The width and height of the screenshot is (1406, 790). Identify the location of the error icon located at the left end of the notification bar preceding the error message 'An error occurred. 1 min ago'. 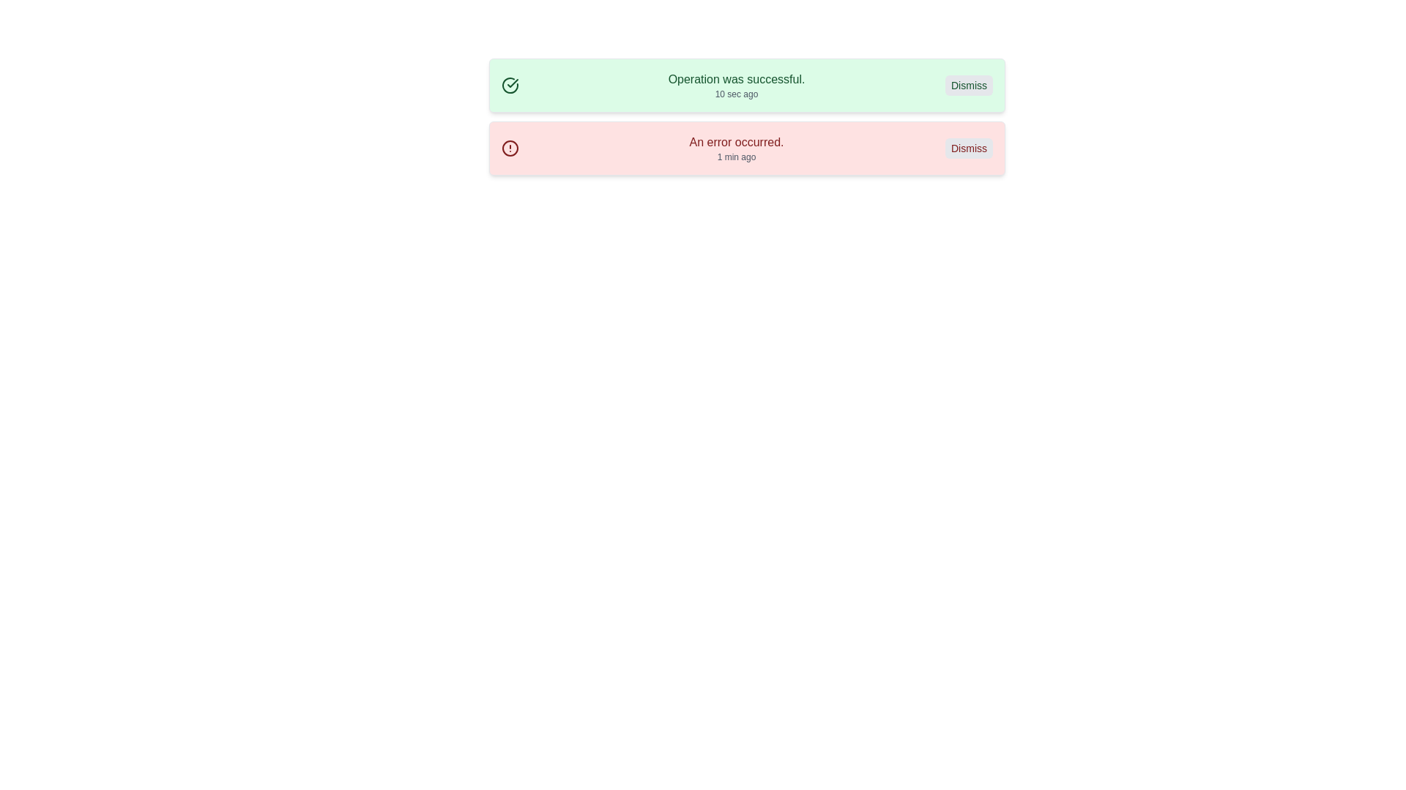
(510, 148).